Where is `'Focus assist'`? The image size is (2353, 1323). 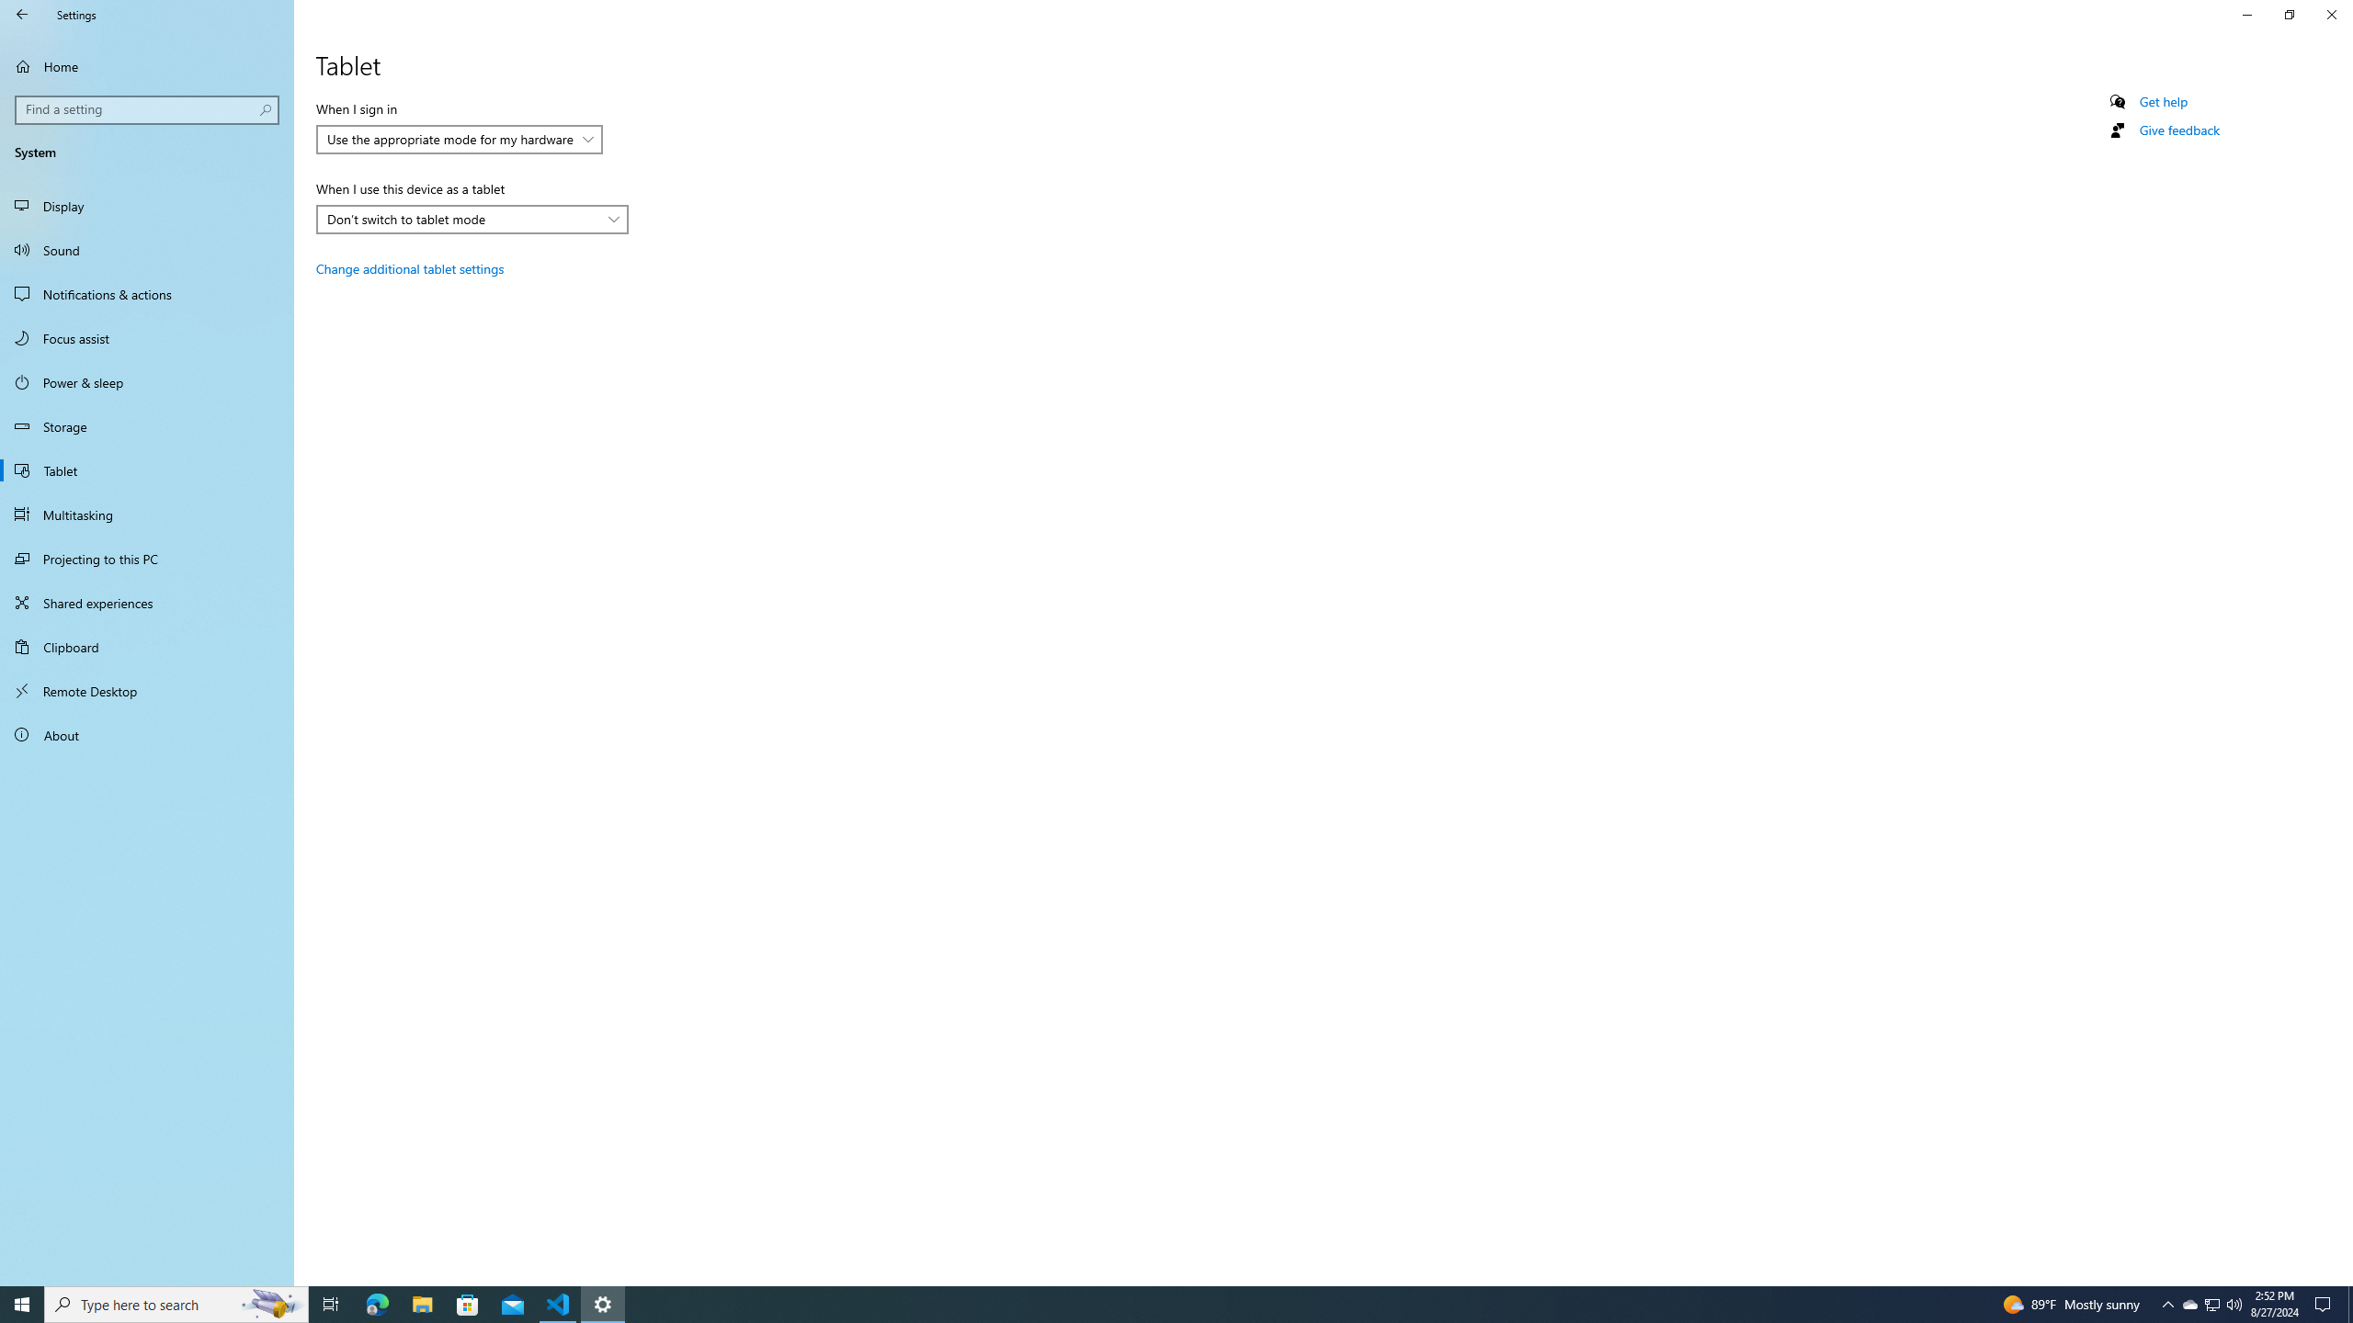
'Focus assist' is located at coordinates (146, 337).